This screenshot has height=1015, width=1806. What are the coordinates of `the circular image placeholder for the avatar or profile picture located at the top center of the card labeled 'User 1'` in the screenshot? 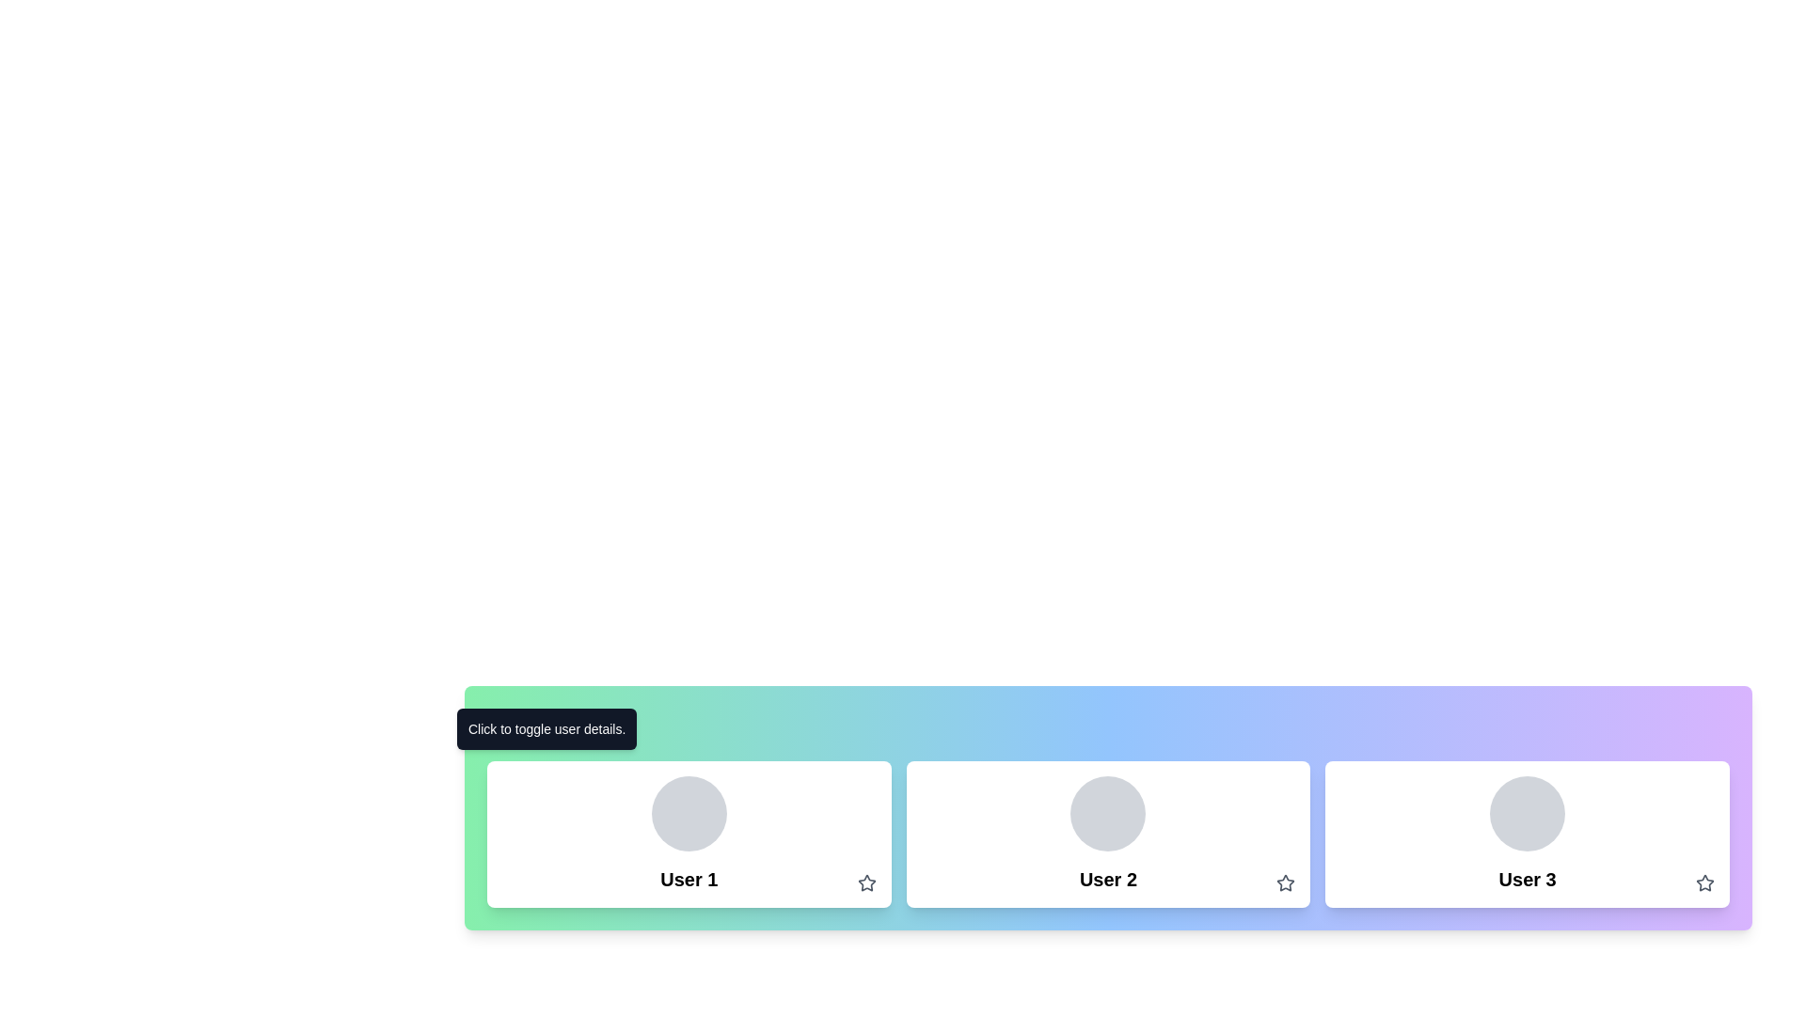 It's located at (688, 813).